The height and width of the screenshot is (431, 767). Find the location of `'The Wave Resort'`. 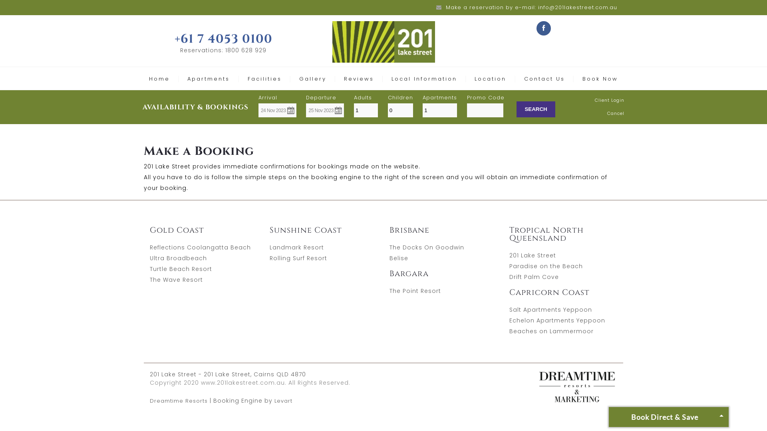

'The Wave Resort' is located at coordinates (176, 279).